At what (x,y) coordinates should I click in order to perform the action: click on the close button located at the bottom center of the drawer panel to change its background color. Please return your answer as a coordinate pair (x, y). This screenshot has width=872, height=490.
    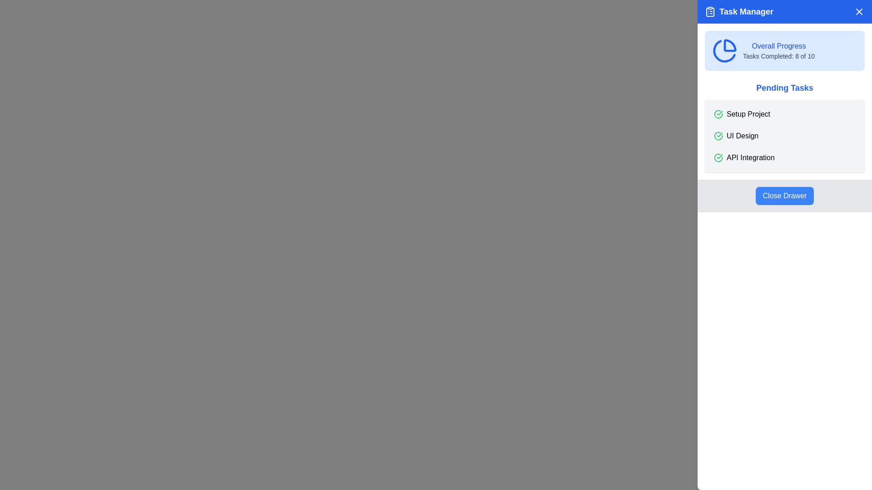
    Looking at the image, I should click on (784, 196).